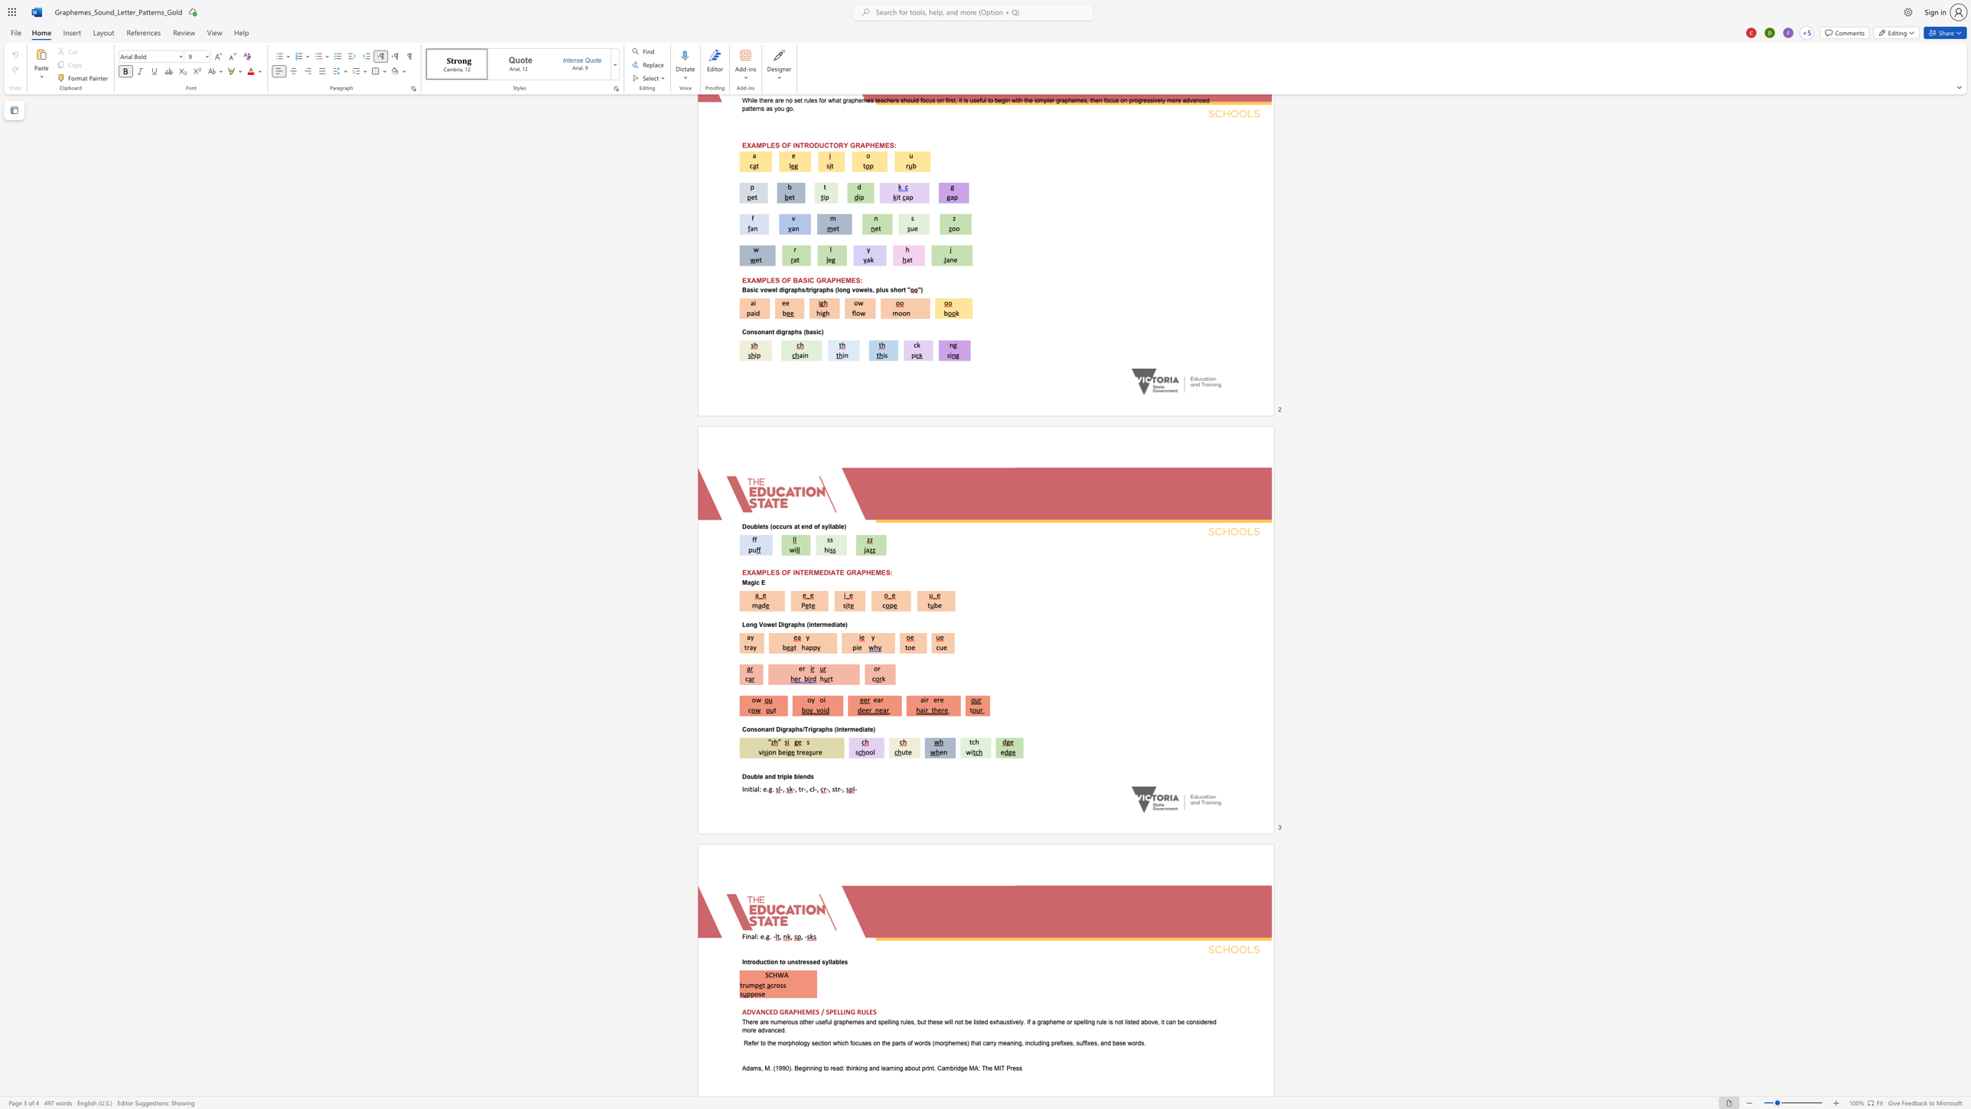 The width and height of the screenshot is (1971, 1109). Describe the element at coordinates (757, 935) in the screenshot. I see `the 1th character ":" in the text` at that location.